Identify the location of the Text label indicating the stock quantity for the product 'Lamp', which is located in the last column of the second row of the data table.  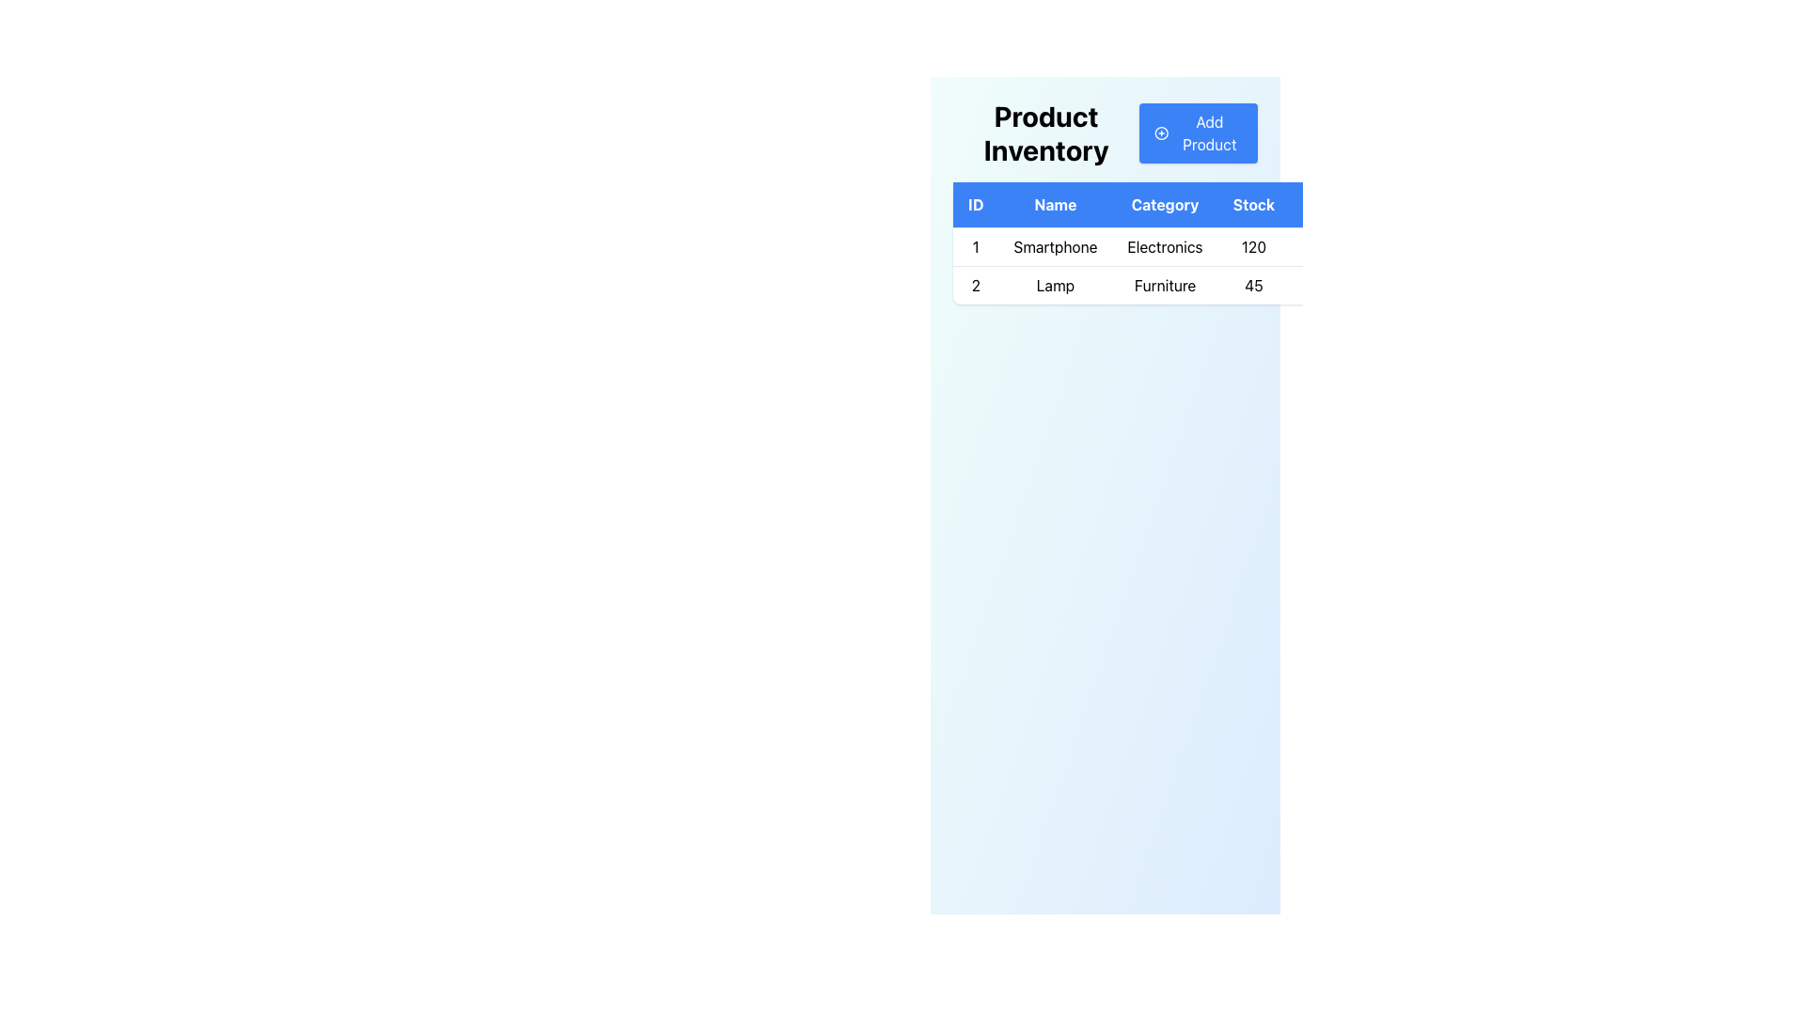
(1254, 285).